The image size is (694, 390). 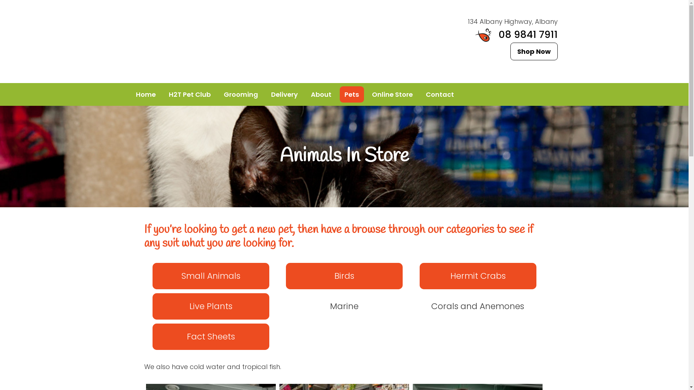 What do you see at coordinates (210, 337) in the screenshot?
I see `'Fact Sheets'` at bounding box center [210, 337].